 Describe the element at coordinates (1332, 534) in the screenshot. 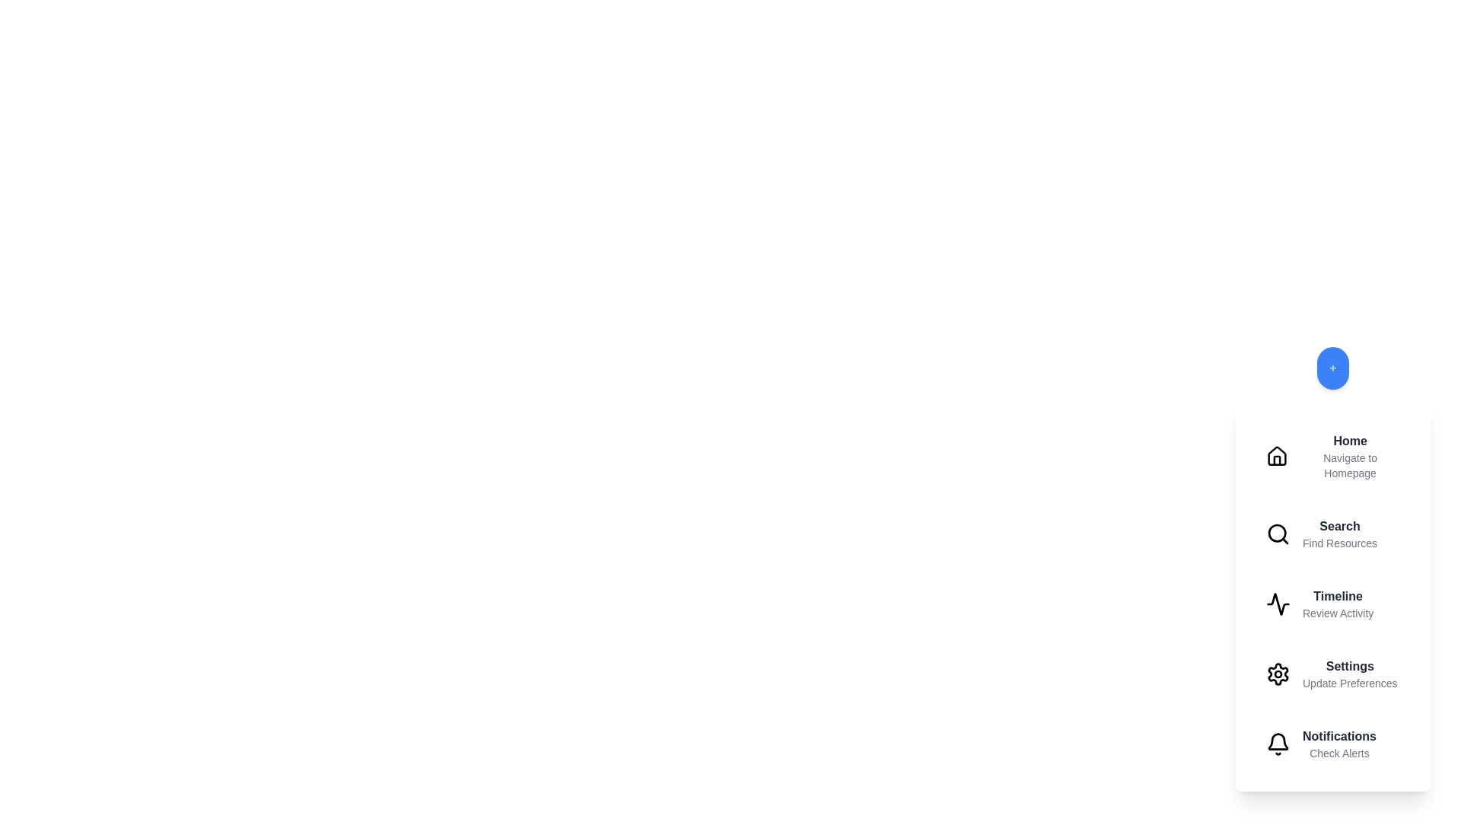

I see `the menu item labeled Search to view its hover effect` at that location.